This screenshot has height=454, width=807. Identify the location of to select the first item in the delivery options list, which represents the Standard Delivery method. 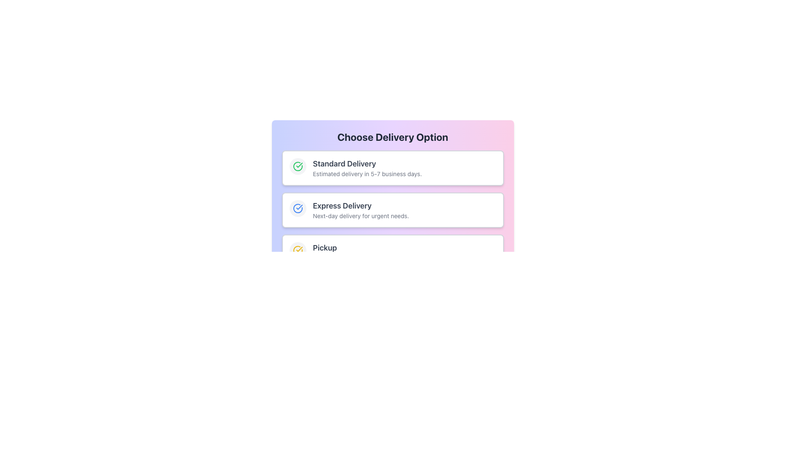
(392, 168).